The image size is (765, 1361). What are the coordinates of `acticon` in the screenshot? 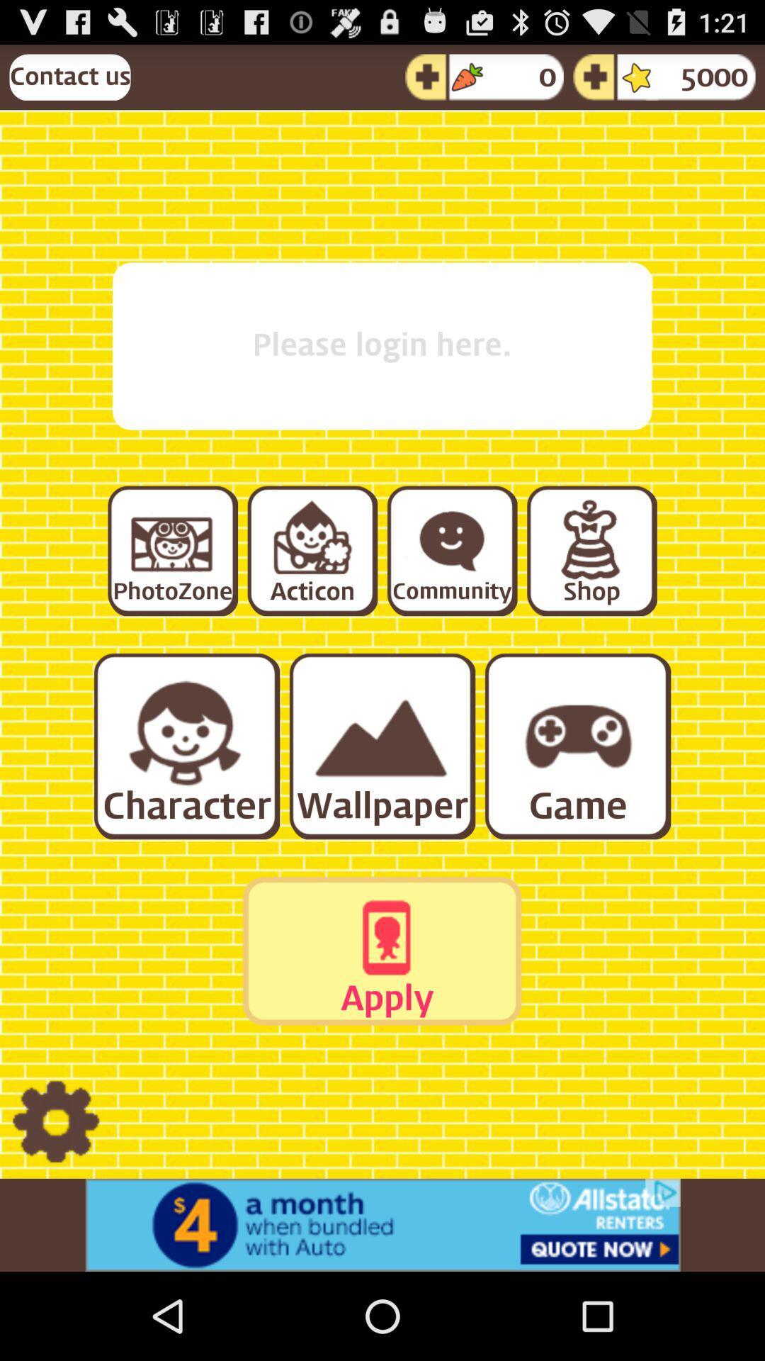 It's located at (311, 549).